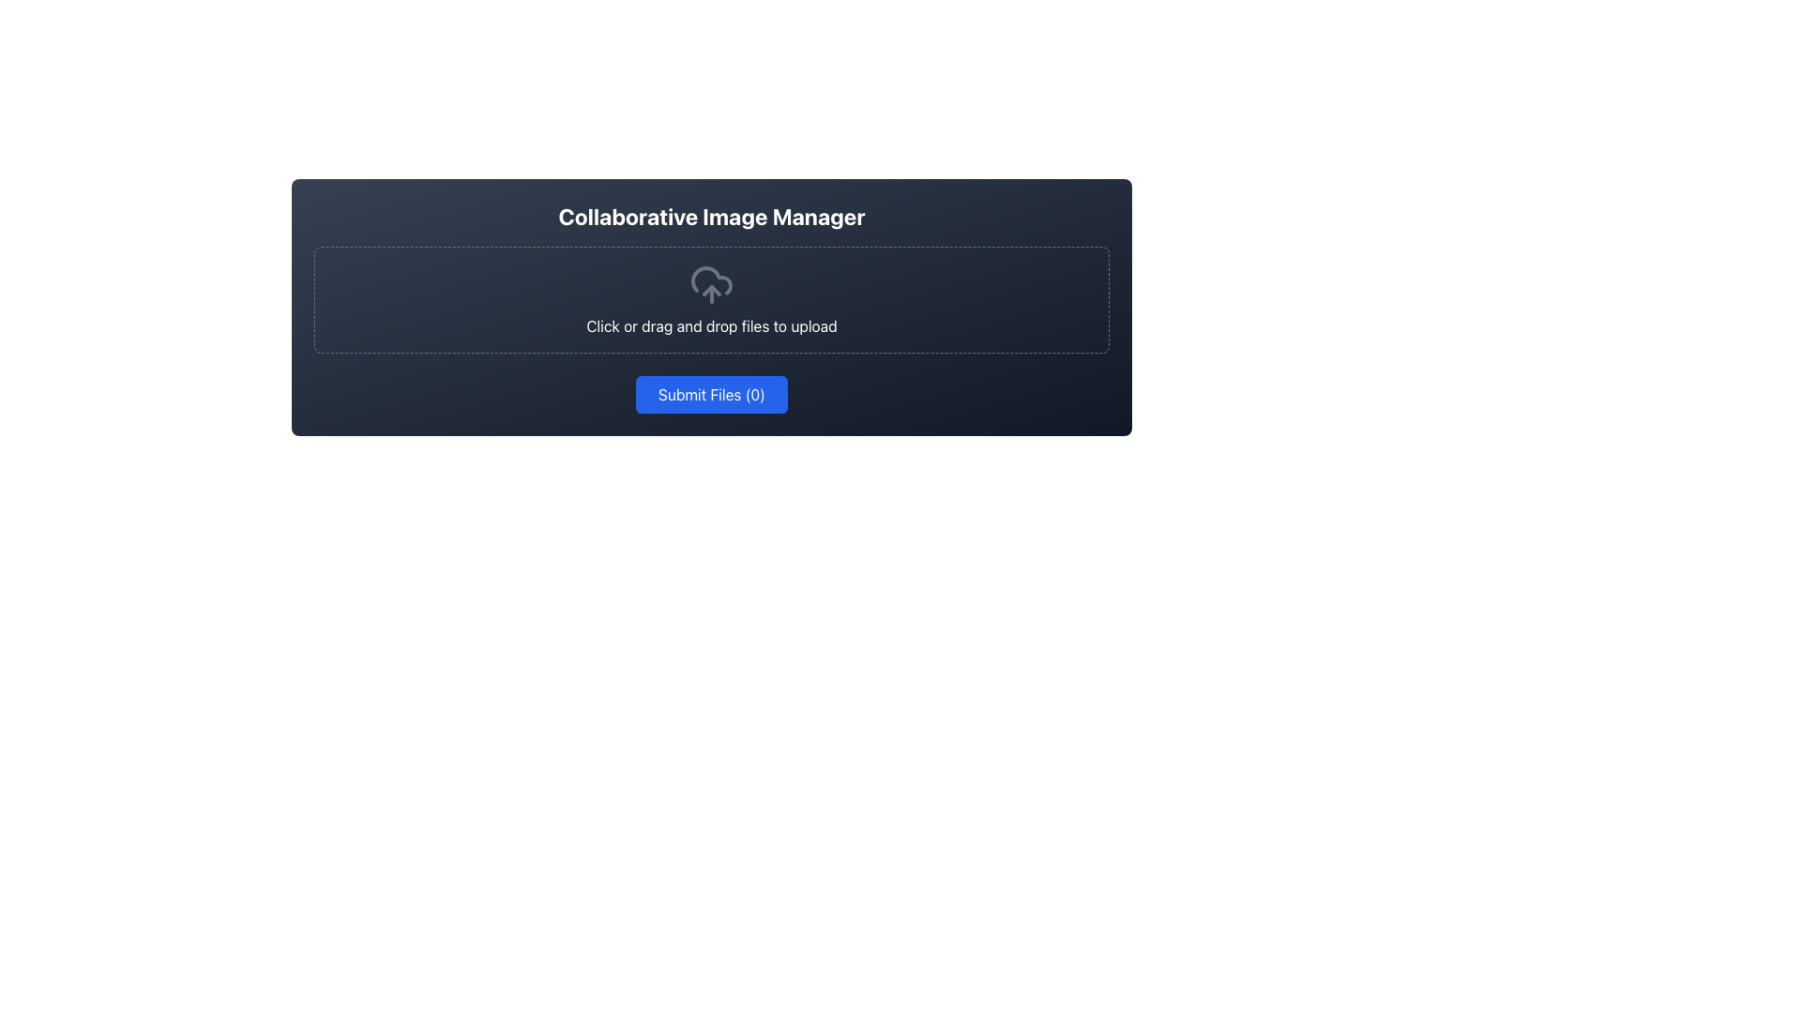 The height and width of the screenshot is (1013, 1801). What do you see at coordinates (710, 325) in the screenshot?
I see `the informational text label that reads 'Click or drag and drop files to upload', which is displayed in light gray font on a dark background, centered within the file upload area` at bounding box center [710, 325].